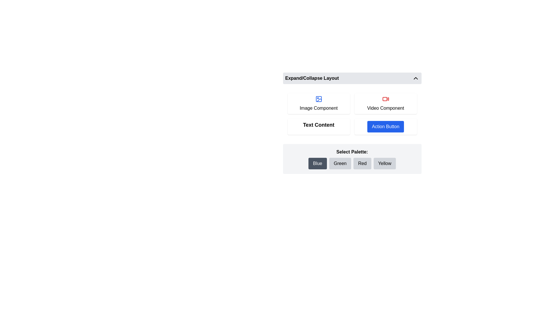  I want to click on the 'Video Component' label, which is a text component styled in black, centered beneath a red video icon on a small rectangular card with a white background and rounded corners, so click(385, 108).